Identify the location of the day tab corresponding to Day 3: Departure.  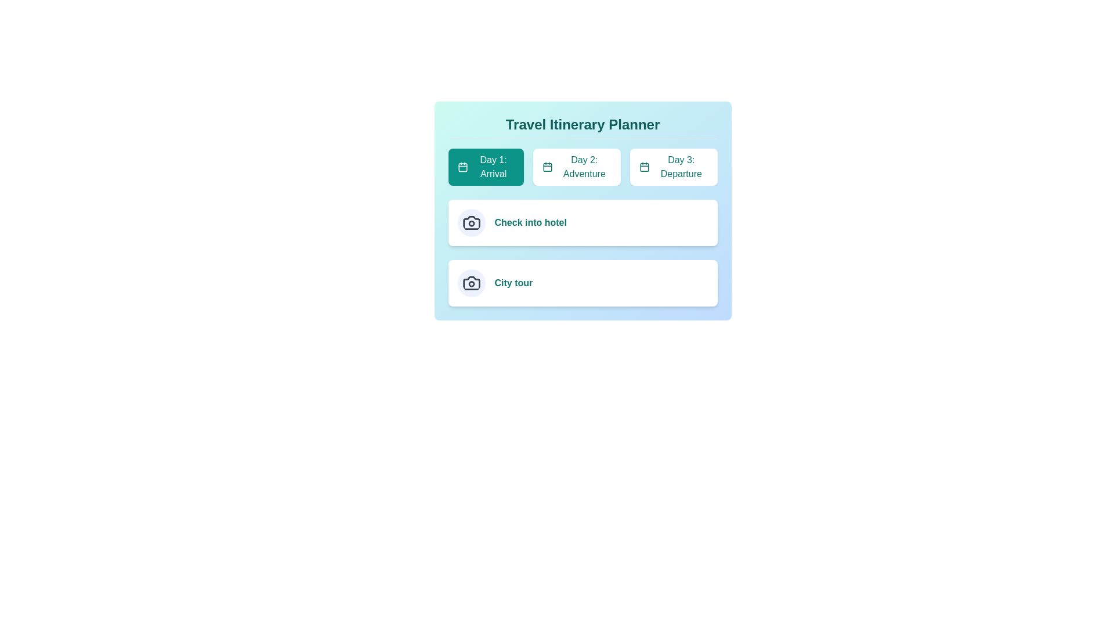
(674, 167).